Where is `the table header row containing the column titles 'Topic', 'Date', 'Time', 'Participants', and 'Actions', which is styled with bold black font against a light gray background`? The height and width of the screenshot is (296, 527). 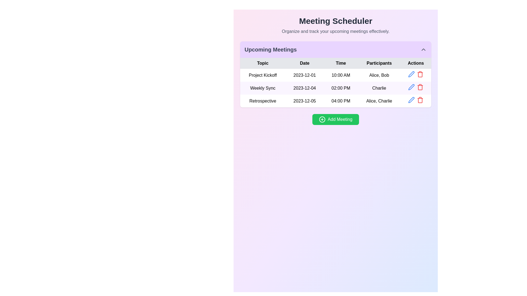 the table header row containing the column titles 'Topic', 'Date', 'Time', 'Participants', and 'Actions', which is styled with bold black font against a light gray background is located at coordinates (335, 63).